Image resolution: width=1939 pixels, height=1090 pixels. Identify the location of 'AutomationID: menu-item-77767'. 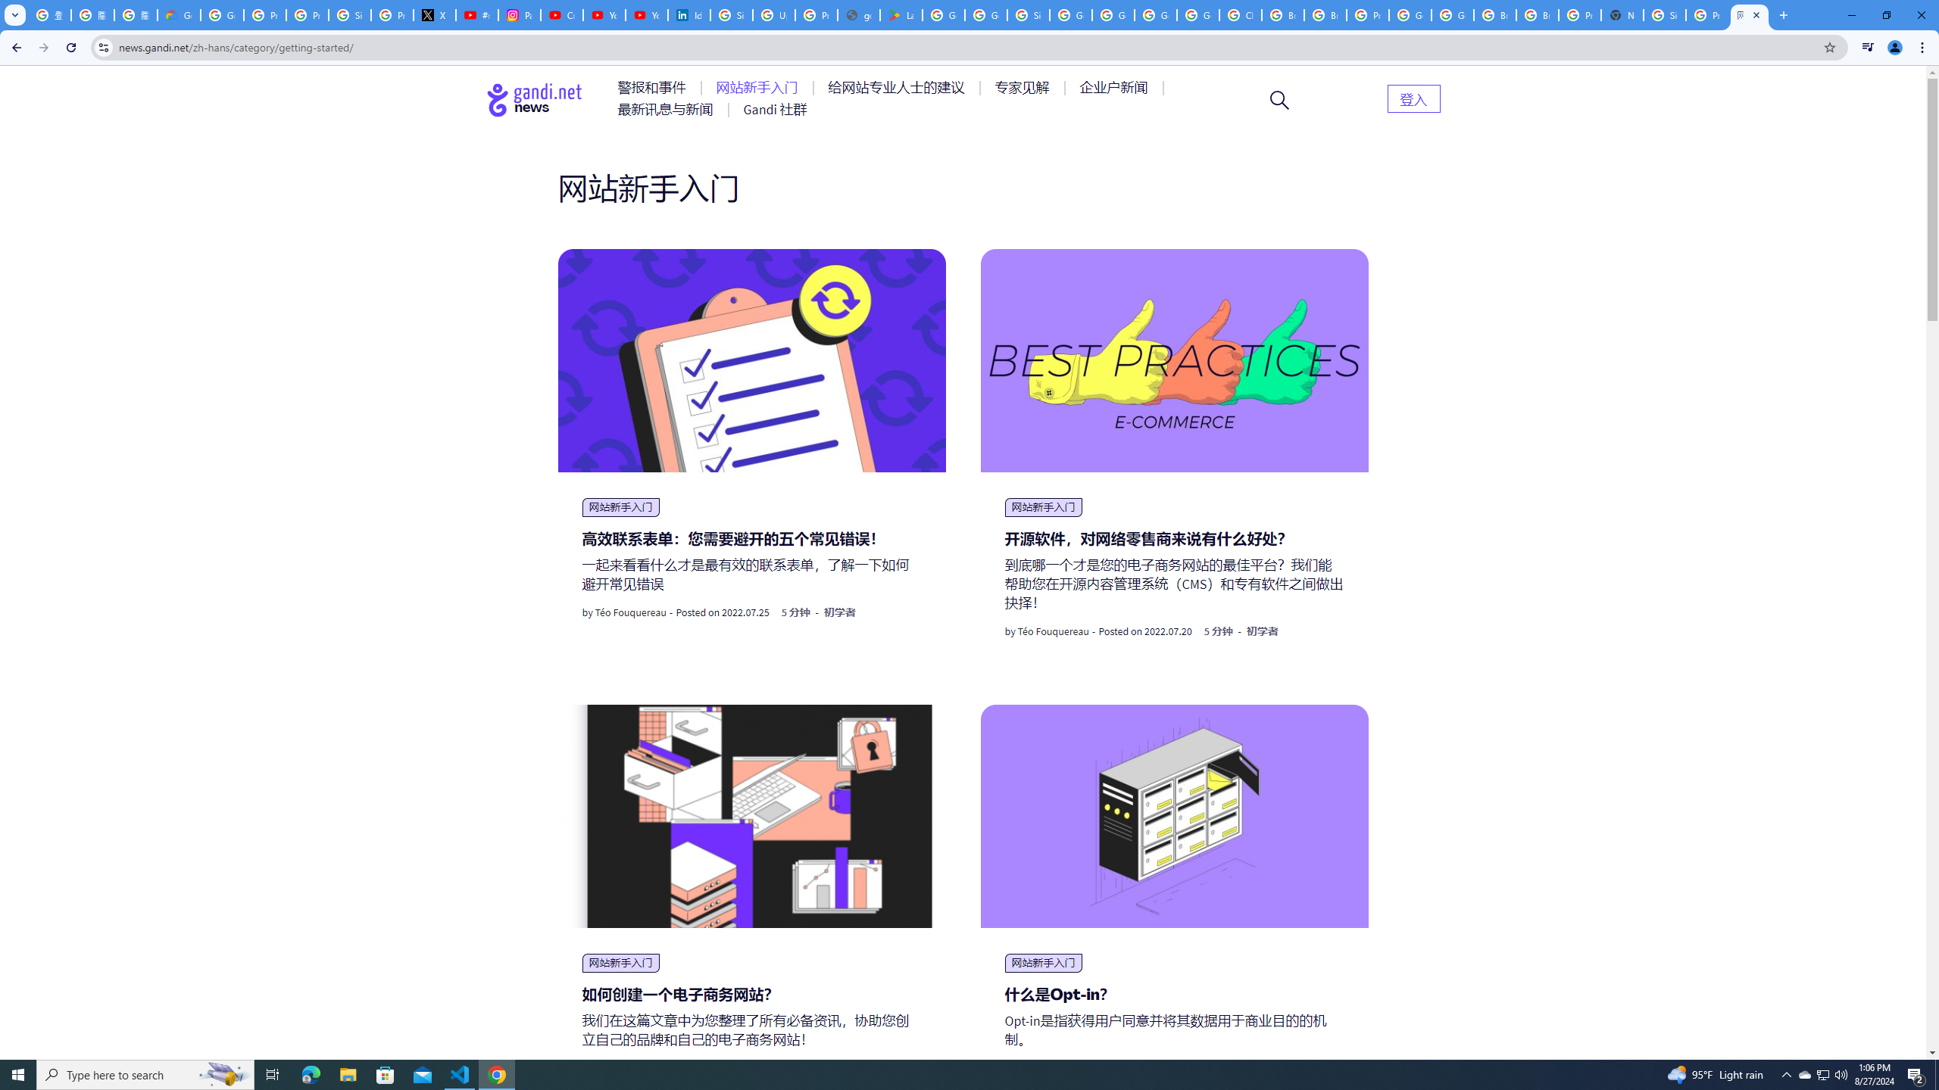
(775, 108).